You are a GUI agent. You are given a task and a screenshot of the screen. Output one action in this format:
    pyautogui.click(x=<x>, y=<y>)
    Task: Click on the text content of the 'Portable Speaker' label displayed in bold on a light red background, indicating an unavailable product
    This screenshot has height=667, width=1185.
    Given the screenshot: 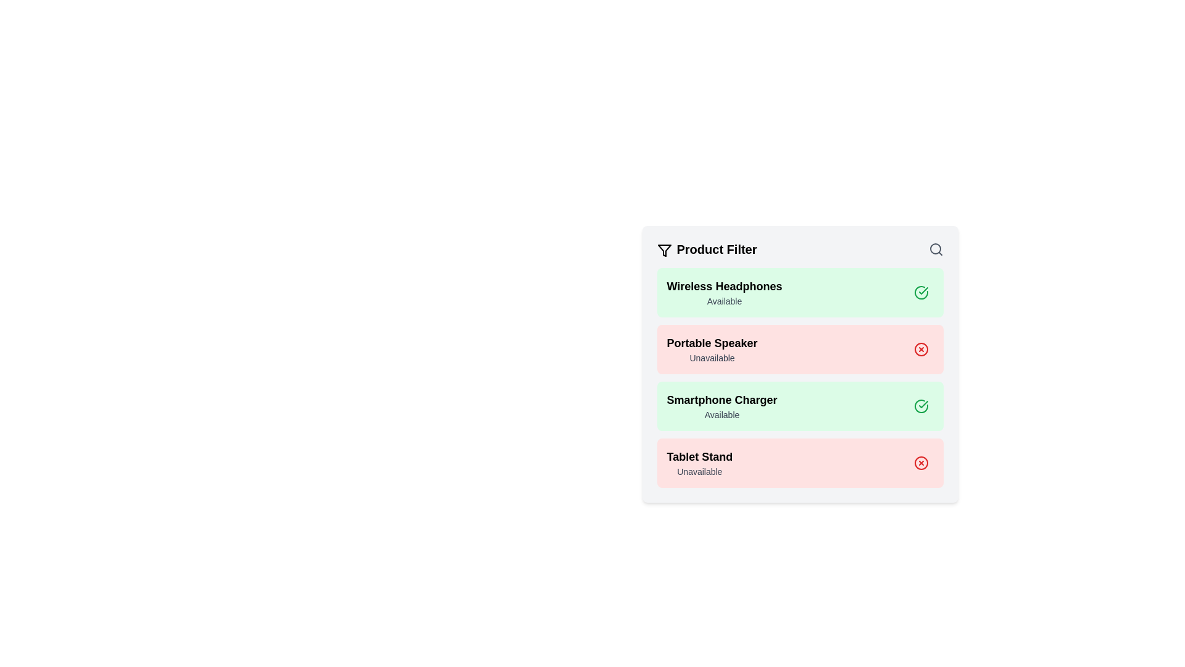 What is the action you would take?
    pyautogui.click(x=712, y=343)
    